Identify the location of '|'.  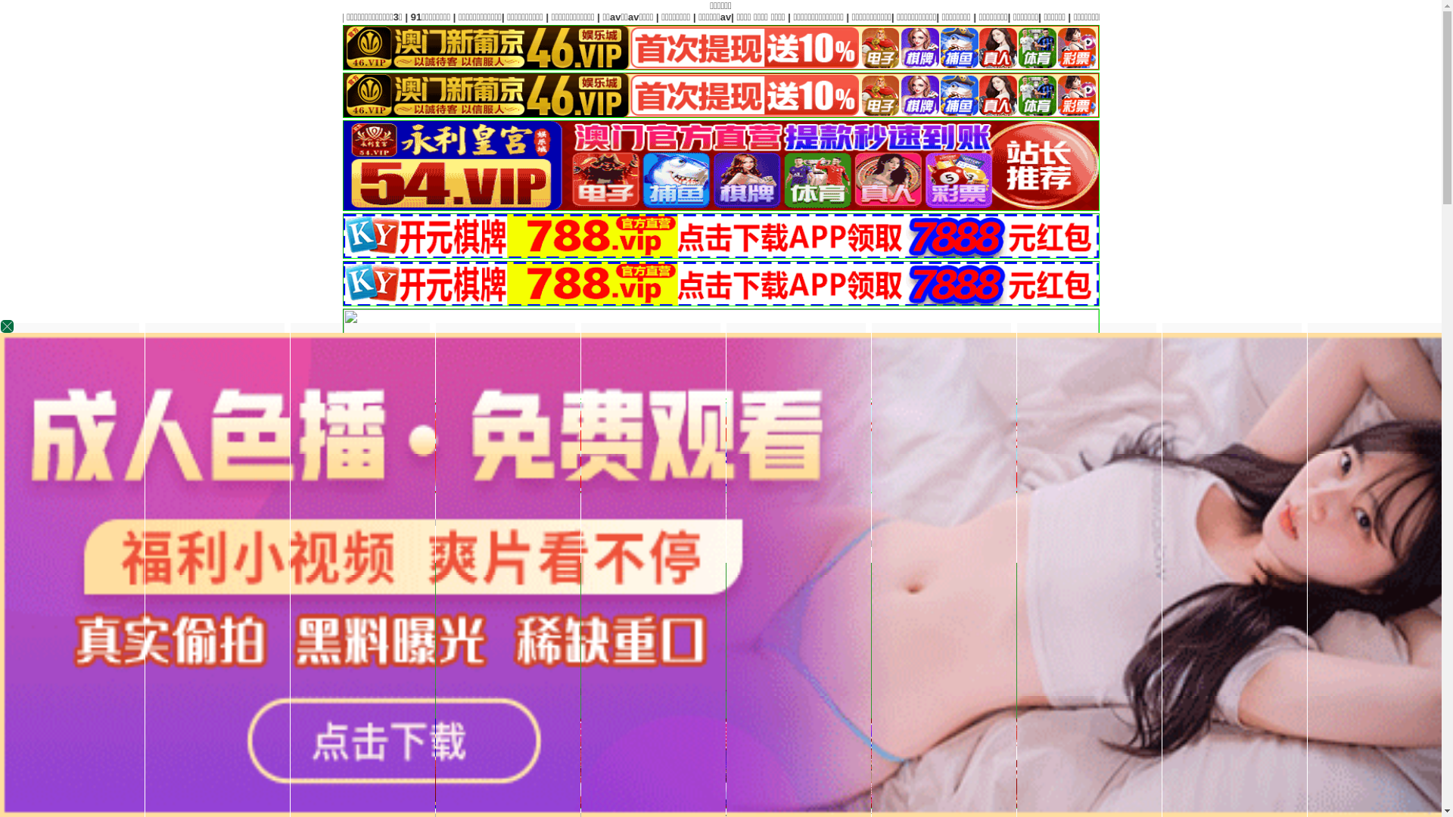
(1134, 17).